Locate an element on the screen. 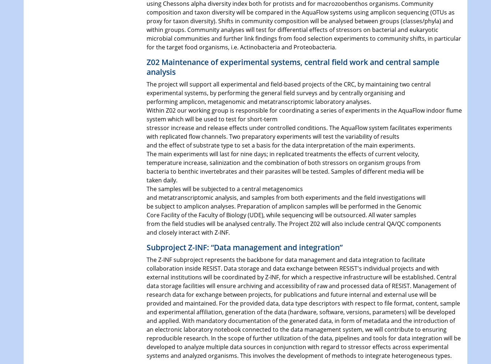 The width and height of the screenshot is (491, 364). 'be subject to amplicon analyses. Preparation of amplicon samples will be performed in the Genomic' is located at coordinates (283, 206).